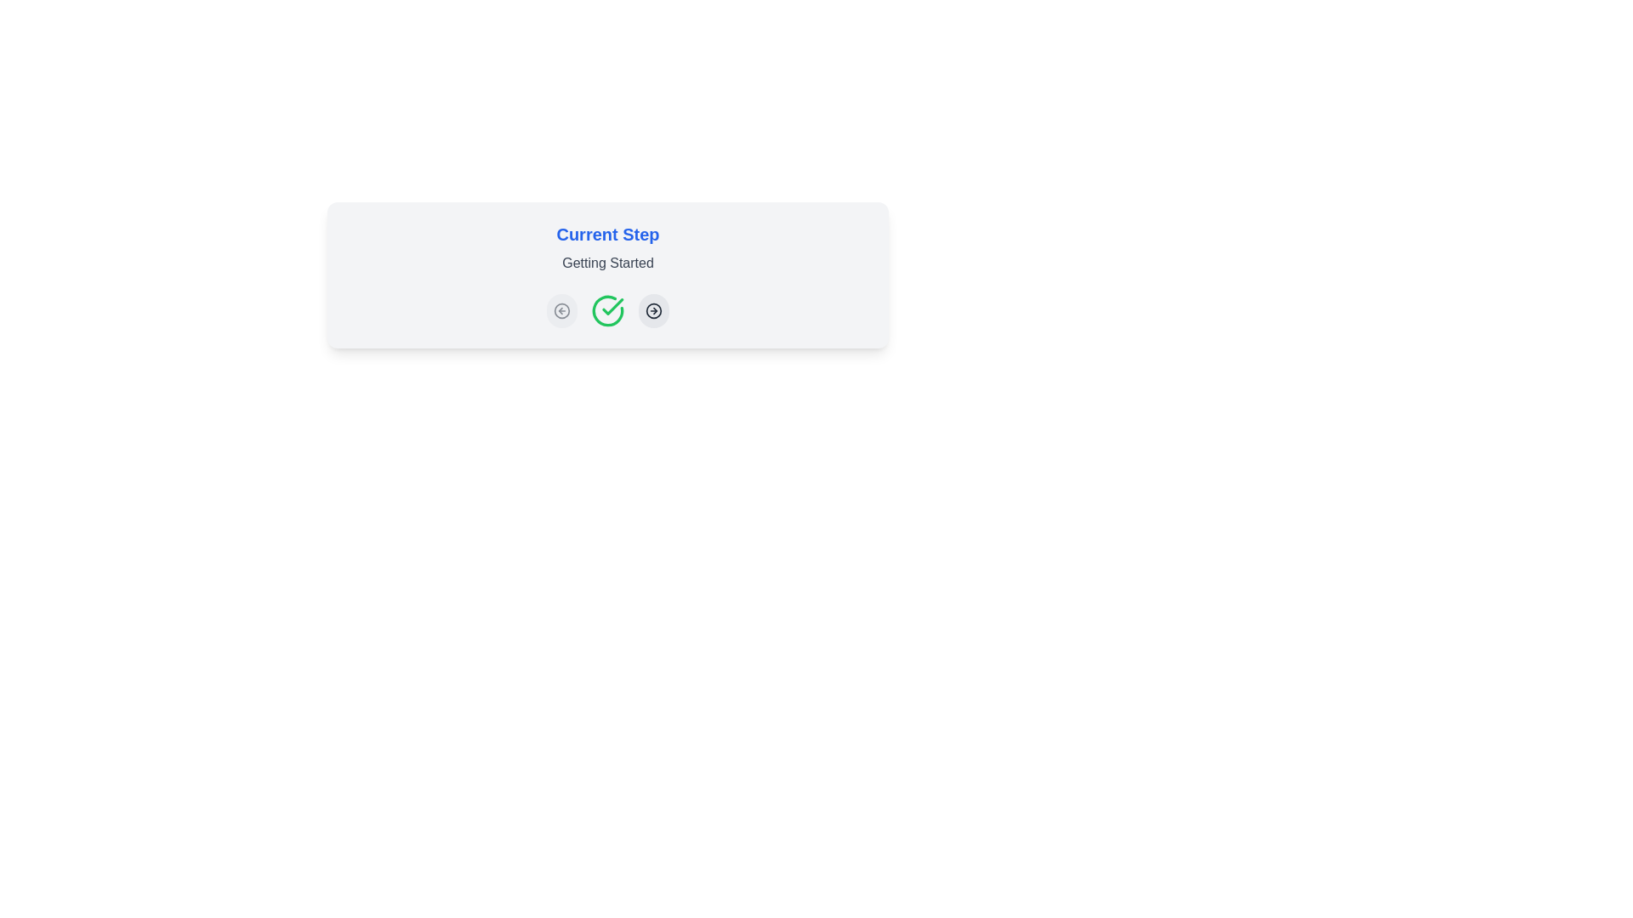 The width and height of the screenshot is (1633, 918). I want to click on the circular icon with a green border and a checkmark inside, indicating a completed action, which is located at the center of a horizontally aligned row of icons, so click(608, 311).